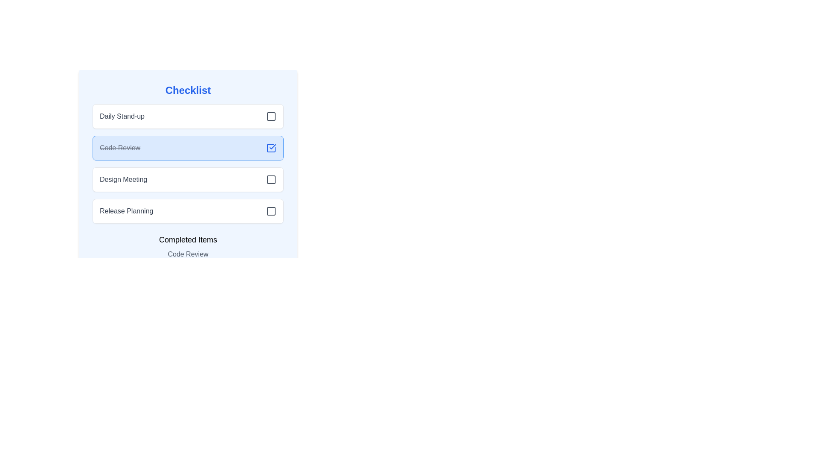 This screenshot has width=819, height=461. I want to click on the 'Code Review' text label, which is styled with a line-through effect and indicates a completed checklist item, so click(119, 148).